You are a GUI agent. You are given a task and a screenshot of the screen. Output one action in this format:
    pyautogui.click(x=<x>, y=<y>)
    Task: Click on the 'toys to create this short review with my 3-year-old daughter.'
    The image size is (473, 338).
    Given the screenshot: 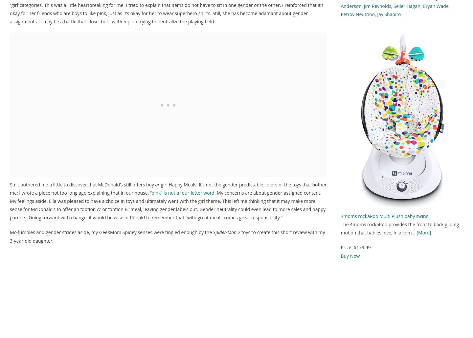 What is the action you would take?
    pyautogui.click(x=167, y=236)
    